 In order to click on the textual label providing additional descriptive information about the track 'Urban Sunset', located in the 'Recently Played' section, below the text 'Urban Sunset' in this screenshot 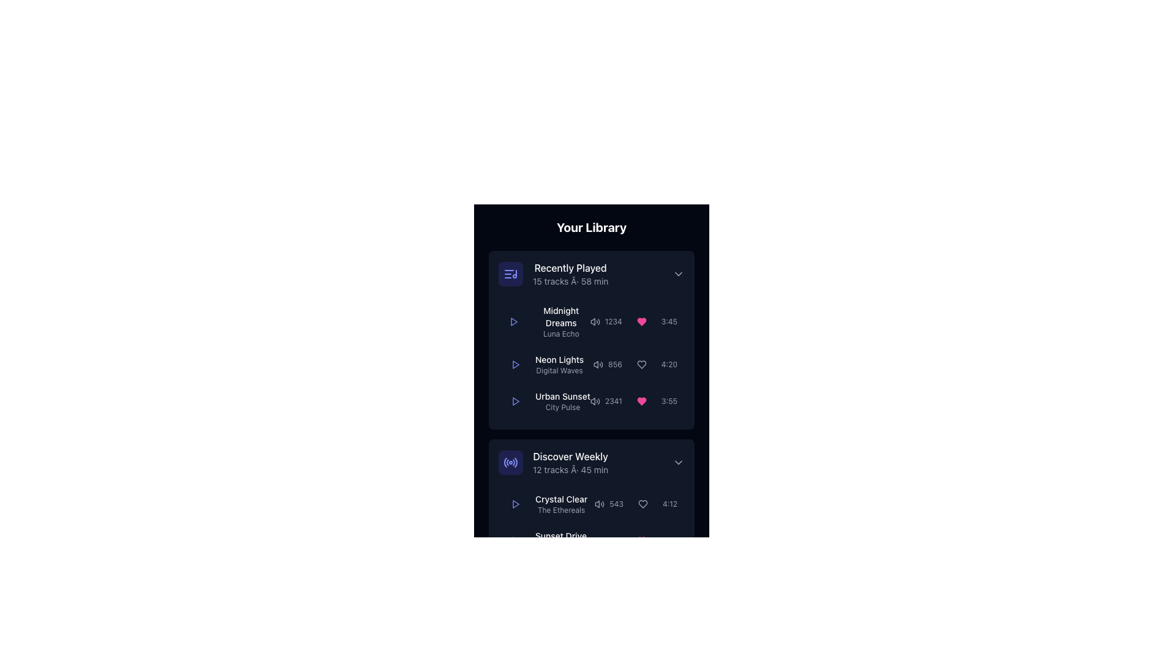, I will do `click(562, 408)`.